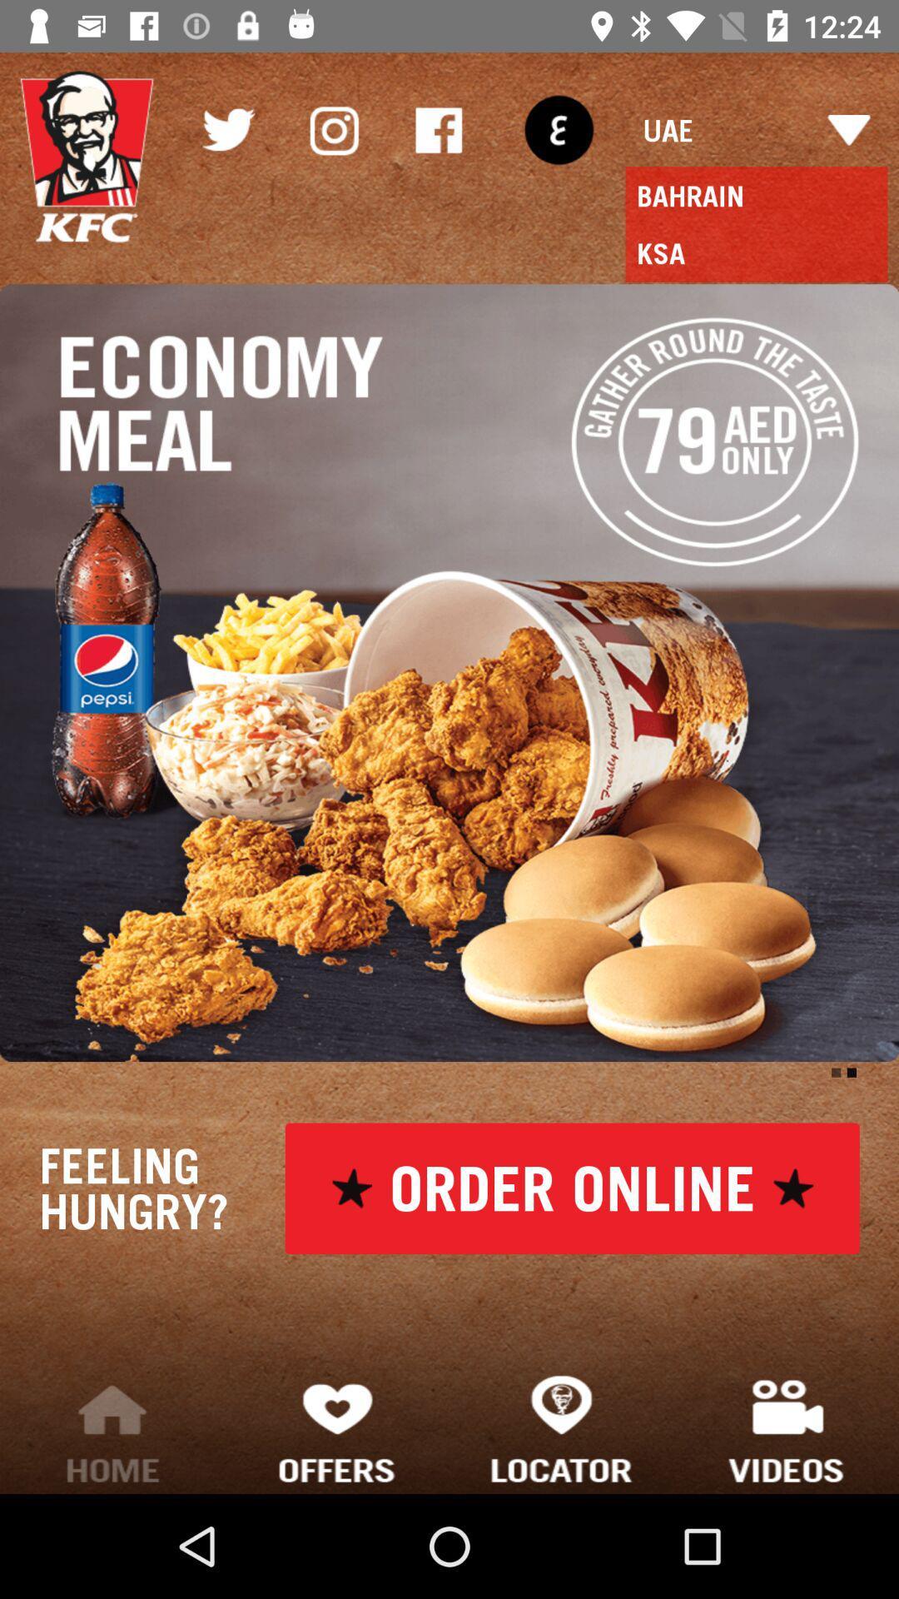 This screenshot has height=1599, width=899. Describe the element at coordinates (337, 1427) in the screenshot. I see `item below hungry? icon` at that location.